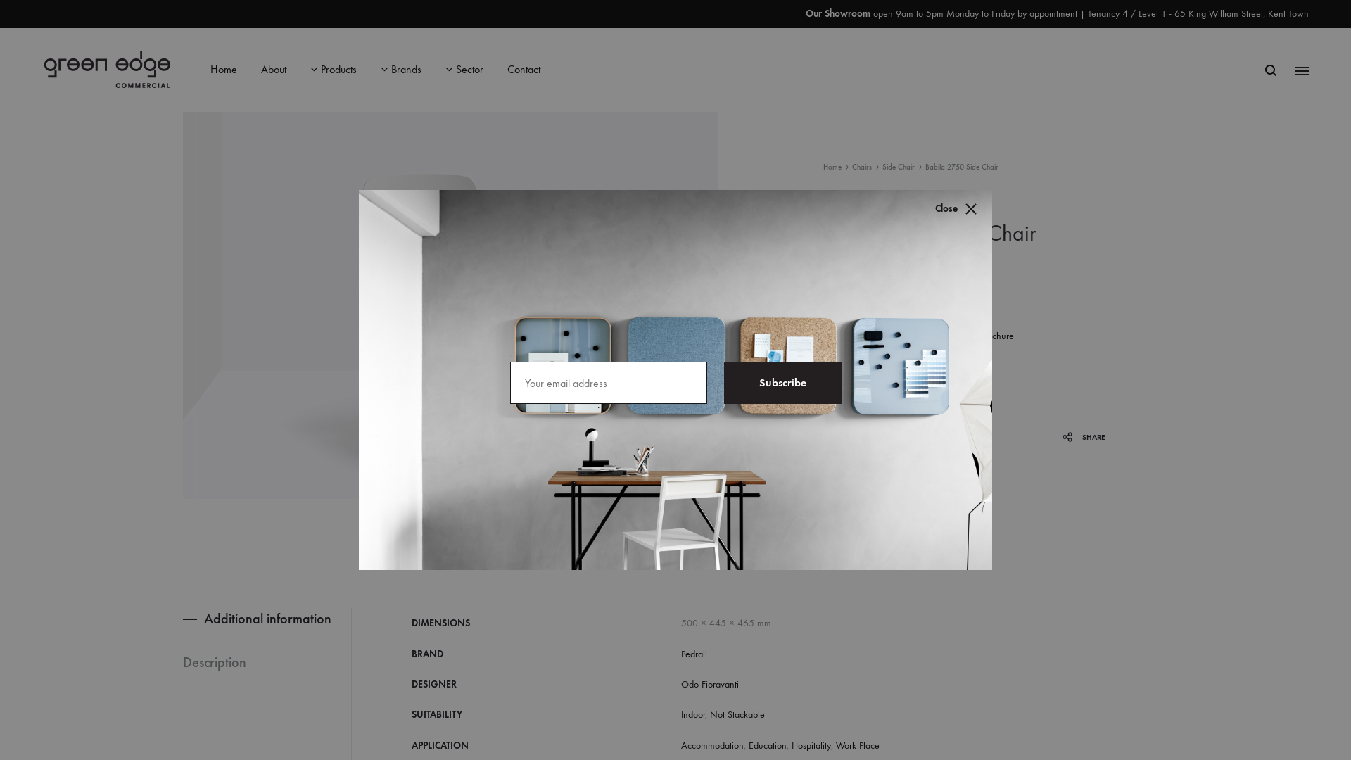 The image size is (1351, 760). I want to click on 'SIDE CHAIR', so click(928, 514).